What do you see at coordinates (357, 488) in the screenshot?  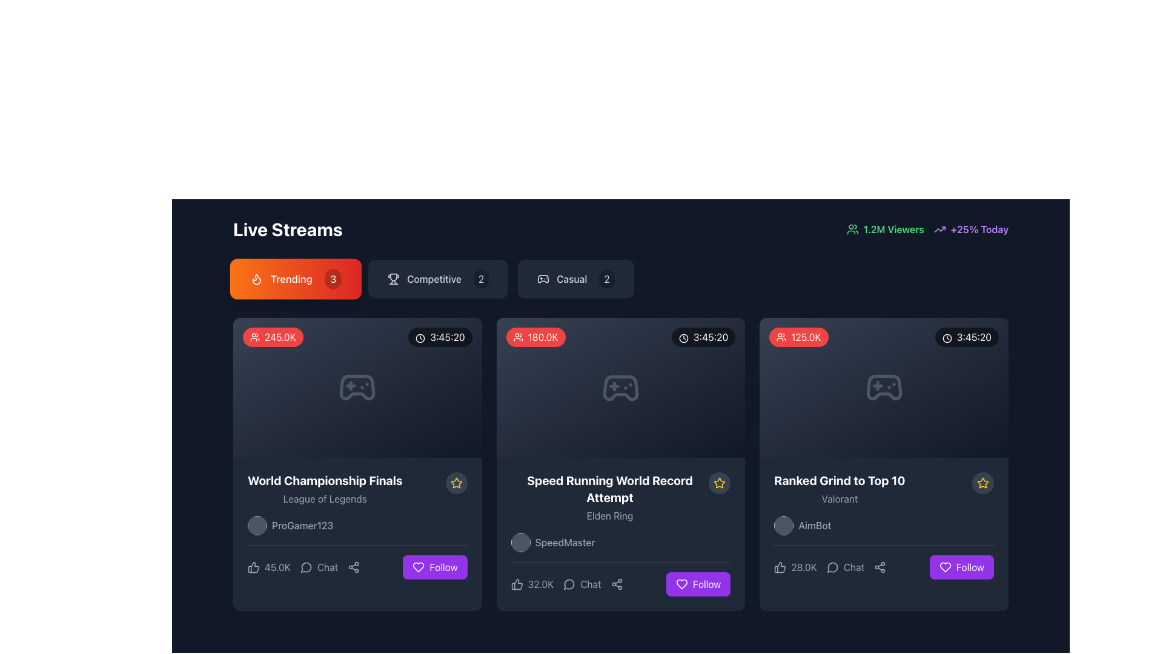 I see `title and subtitle text of the live stream displayed in the composite text block located below the main image area of the card` at bounding box center [357, 488].